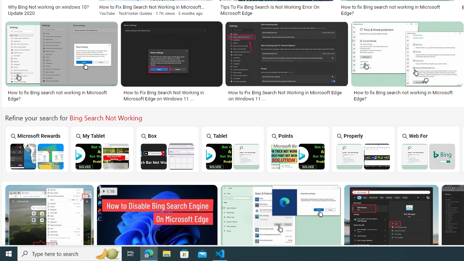  What do you see at coordinates (49, 10) in the screenshot?
I see `'Why Bing Not working on windows 10? Update 2020'` at bounding box center [49, 10].